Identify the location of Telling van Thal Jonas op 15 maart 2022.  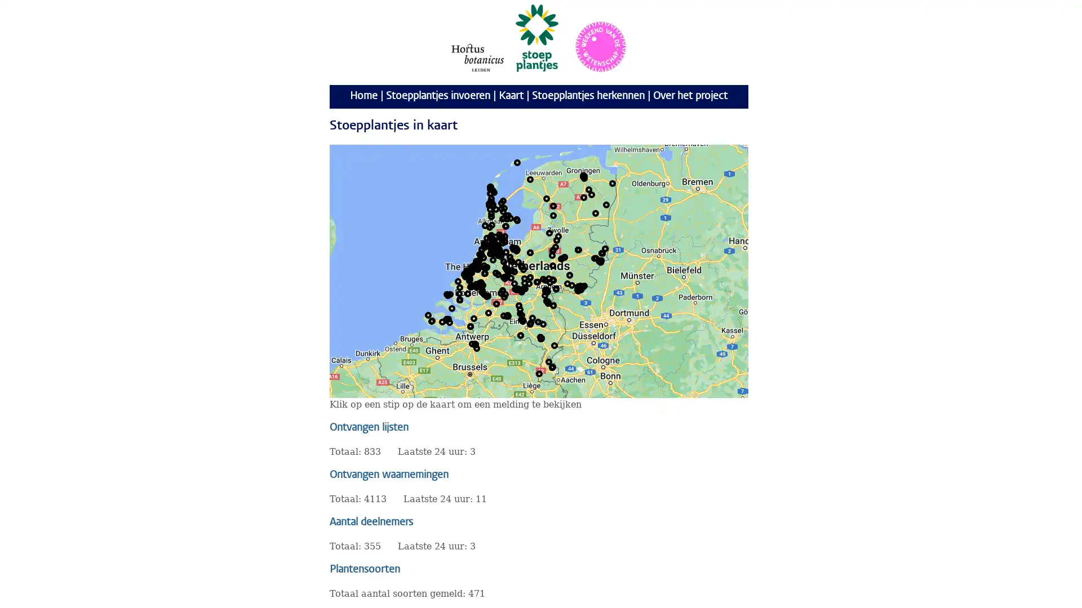
(476, 265).